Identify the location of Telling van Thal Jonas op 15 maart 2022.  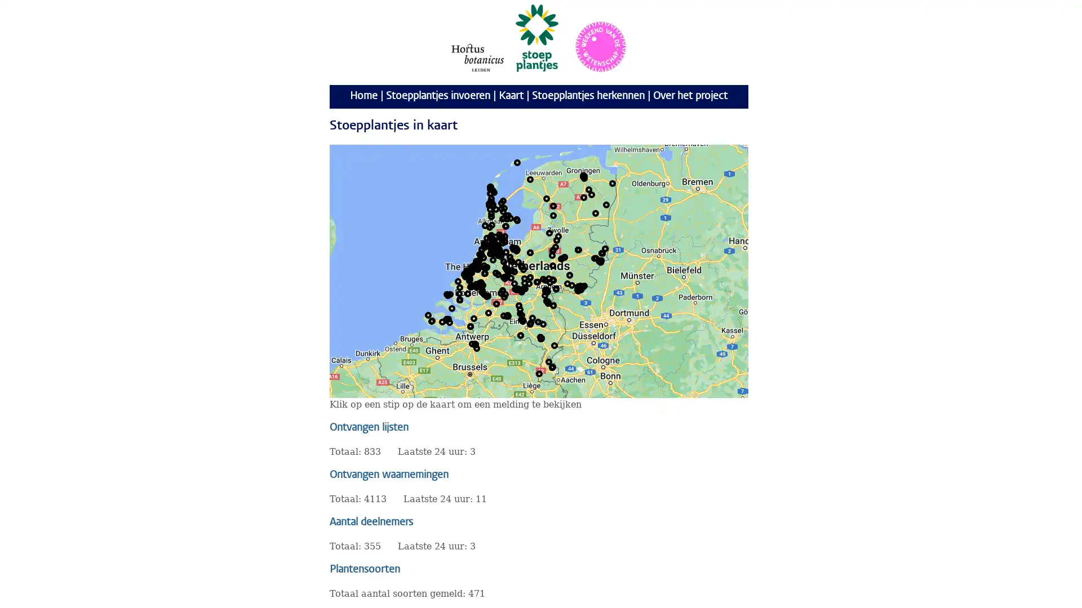
(476, 265).